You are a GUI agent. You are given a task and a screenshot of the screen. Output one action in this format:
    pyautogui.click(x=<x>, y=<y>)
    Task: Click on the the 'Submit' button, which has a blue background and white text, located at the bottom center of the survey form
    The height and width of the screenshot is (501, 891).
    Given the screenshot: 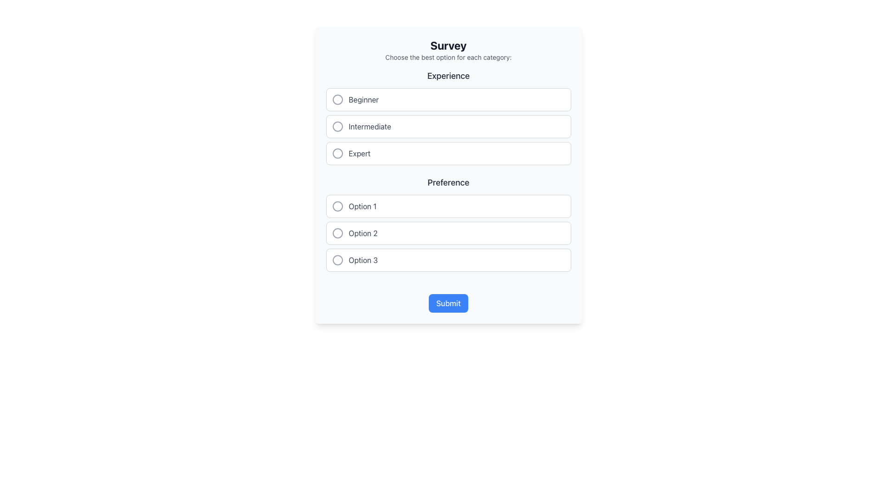 What is the action you would take?
    pyautogui.click(x=448, y=303)
    